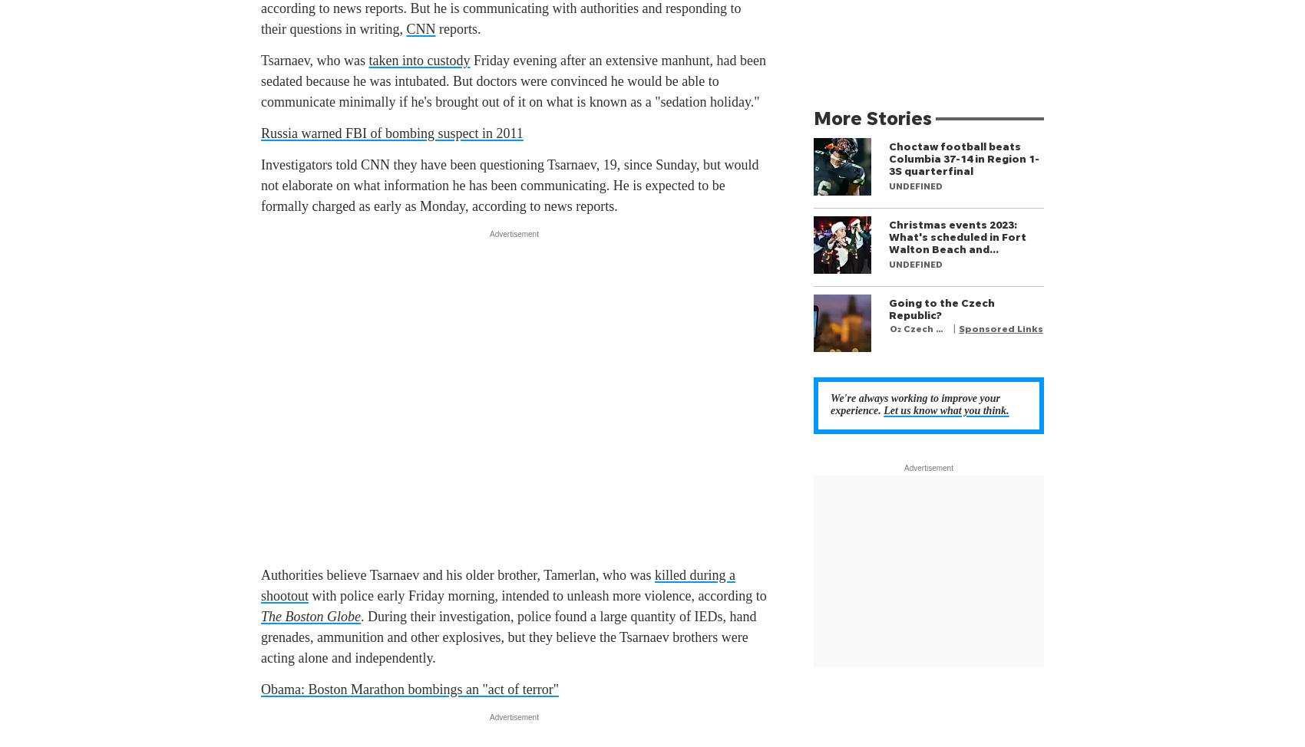 This screenshot has width=1305, height=747. Describe the element at coordinates (872, 117) in the screenshot. I see `'More Stories'` at that location.